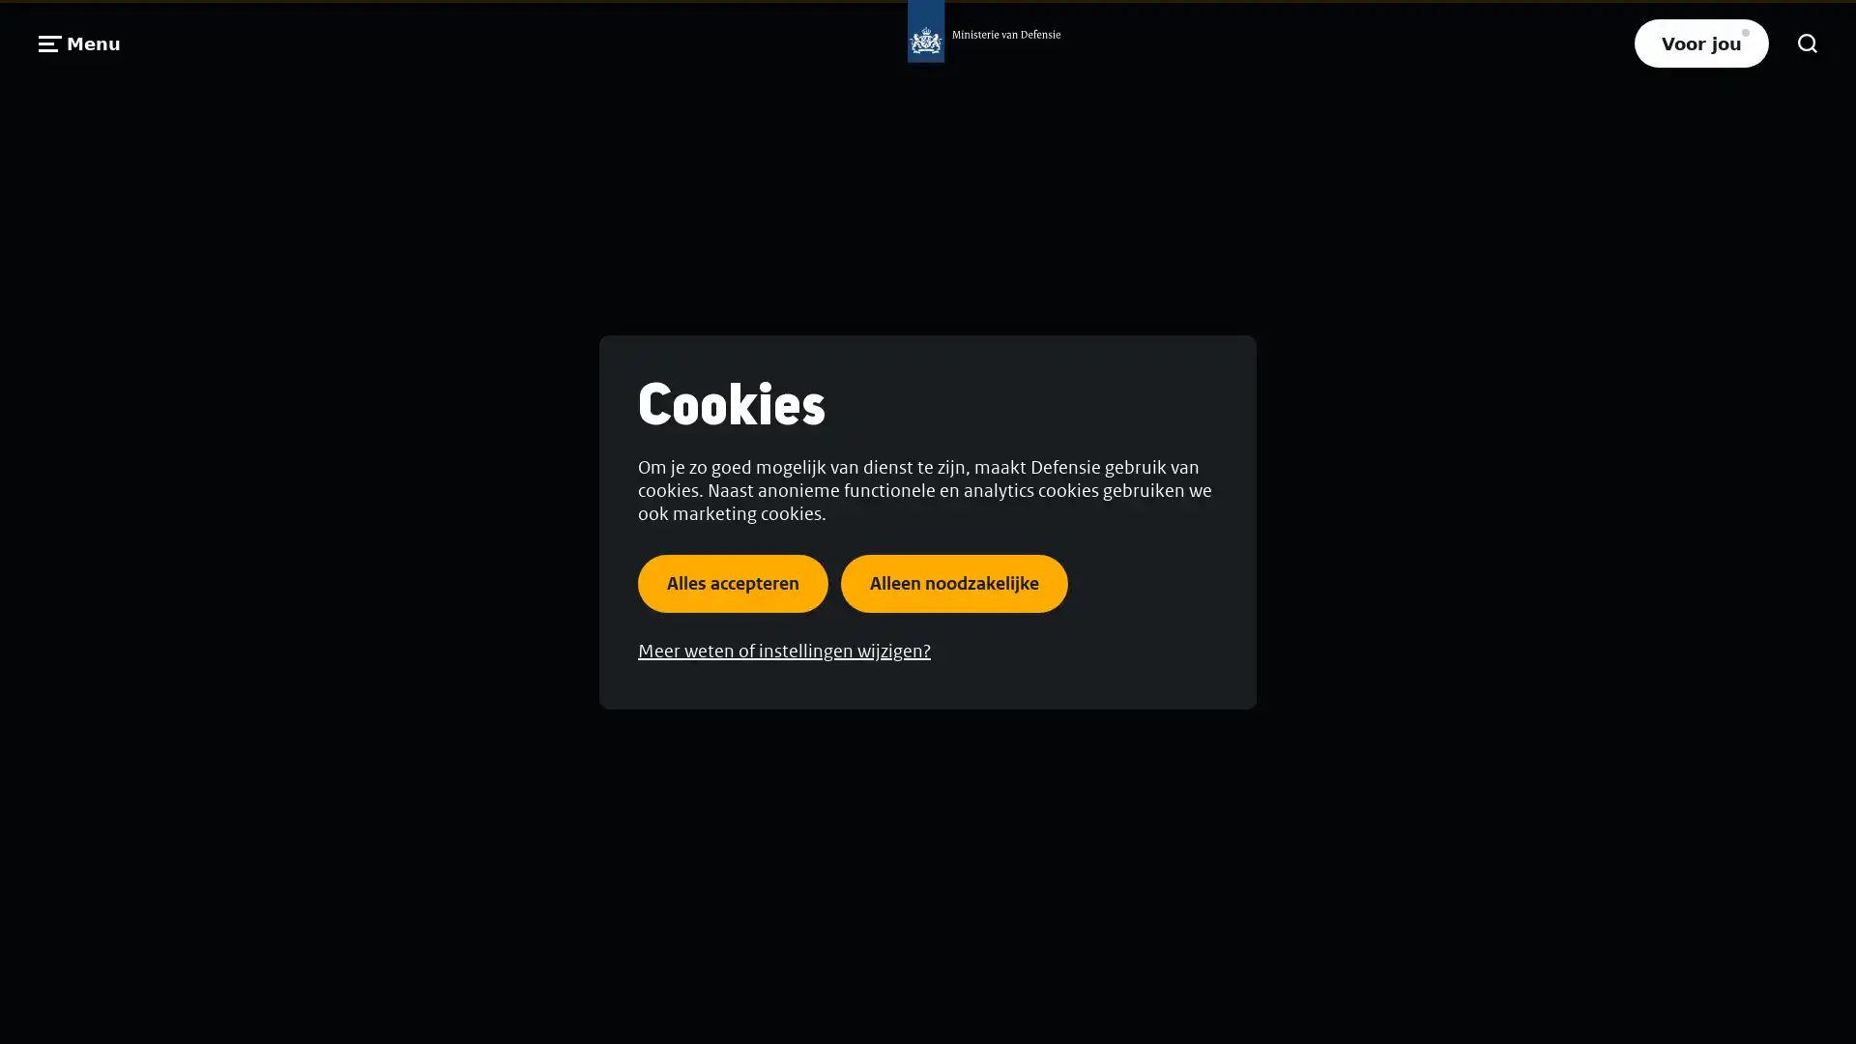 The width and height of the screenshot is (1856, 1044). I want to click on Alleen noodzakelijke, so click(954, 581).